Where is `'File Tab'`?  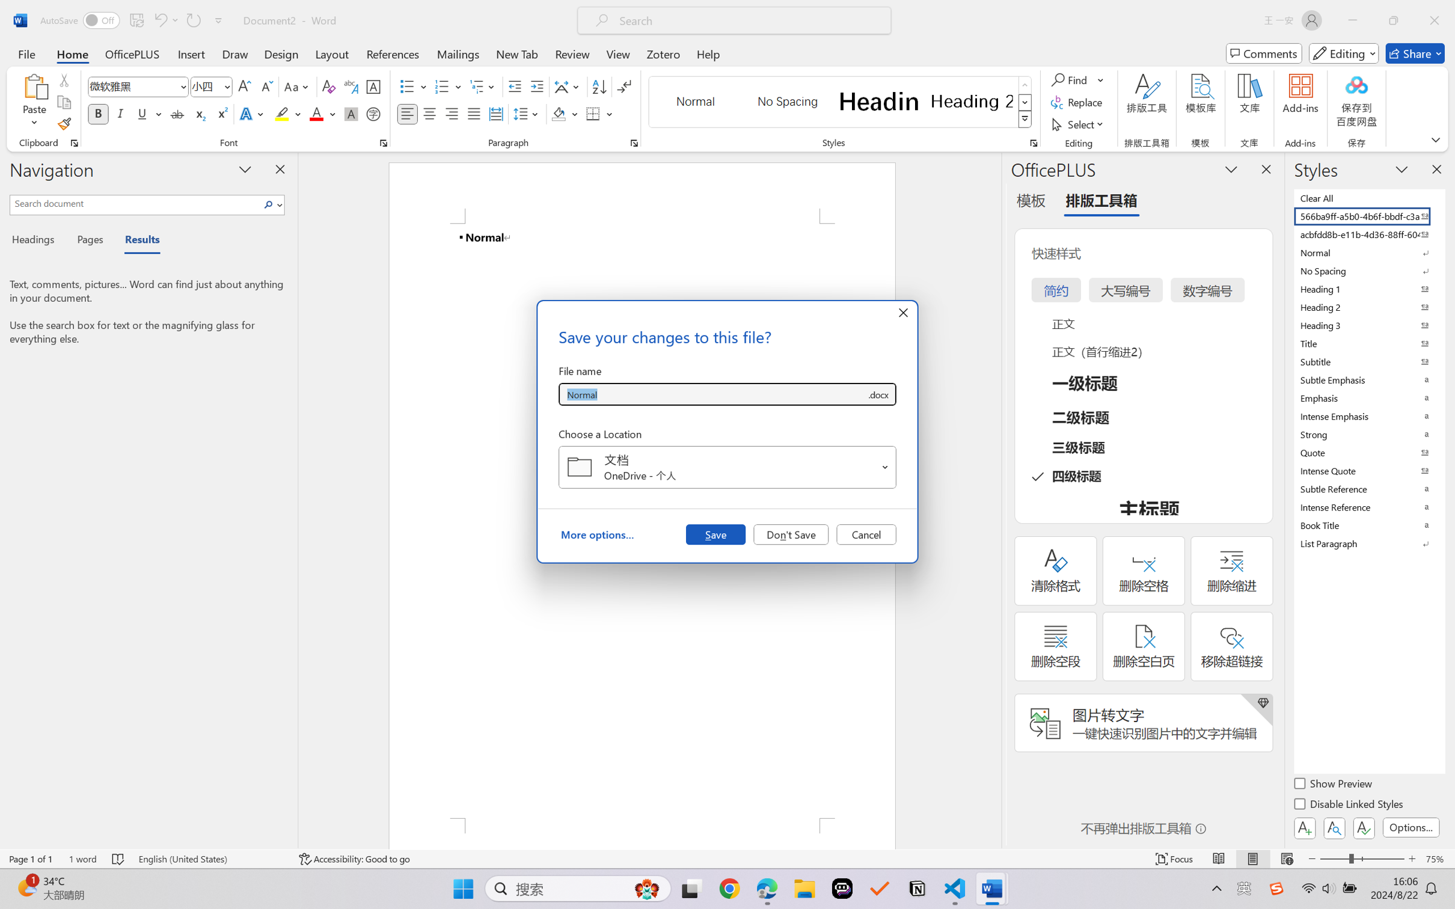 'File Tab' is located at coordinates (26, 53).